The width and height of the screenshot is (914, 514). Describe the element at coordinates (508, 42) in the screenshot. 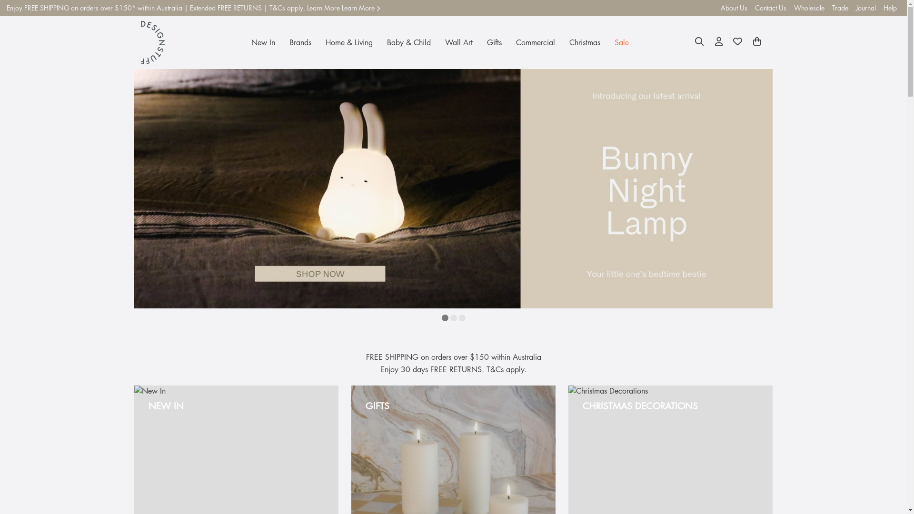

I see `'Commercial'` at that location.